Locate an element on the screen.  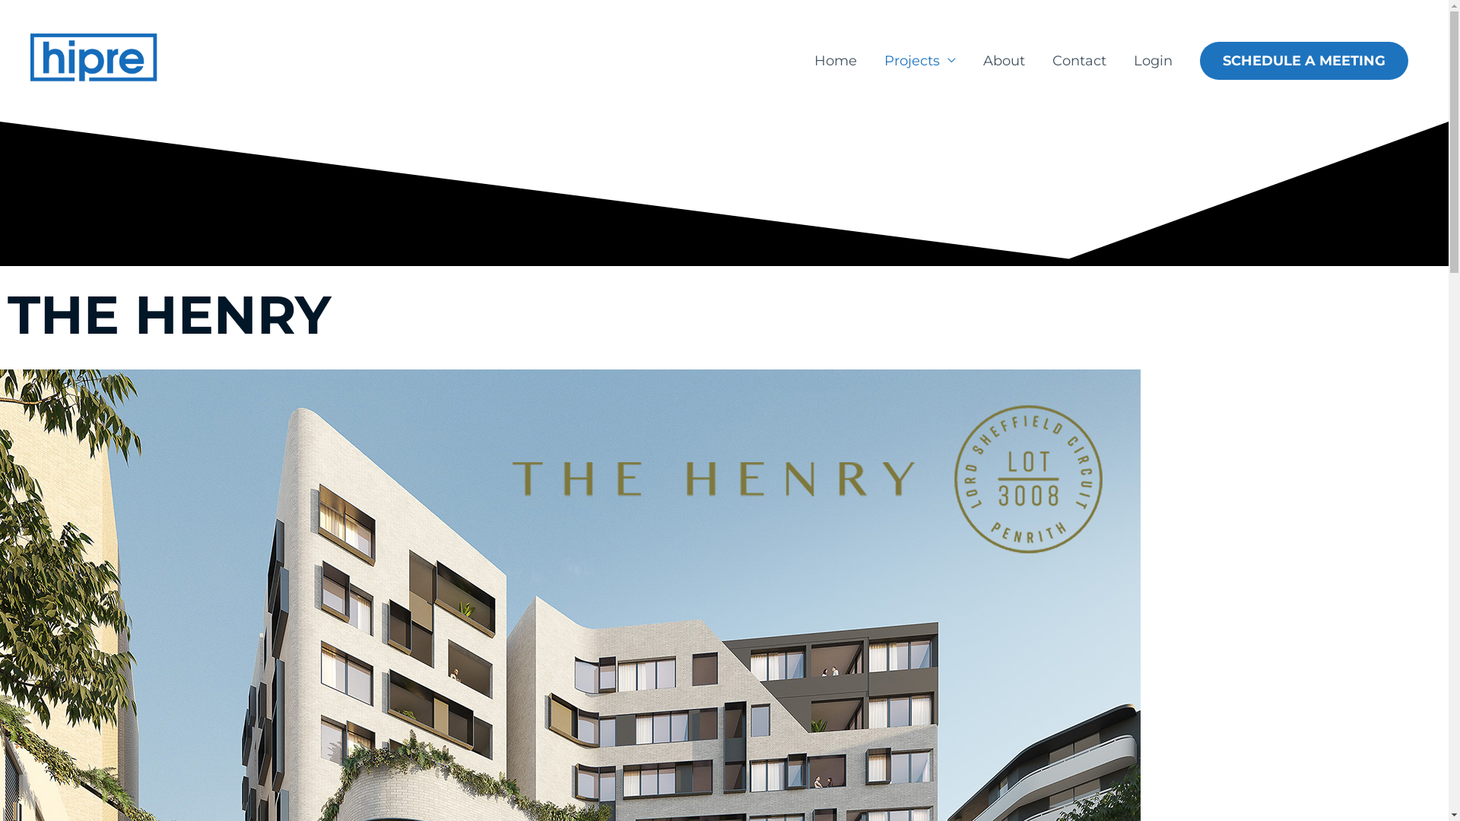
'Login' is located at coordinates (1120, 60).